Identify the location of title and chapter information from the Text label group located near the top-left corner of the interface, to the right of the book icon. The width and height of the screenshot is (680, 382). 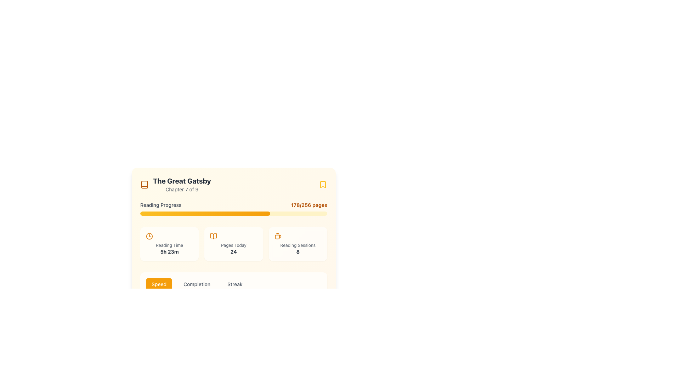
(182, 184).